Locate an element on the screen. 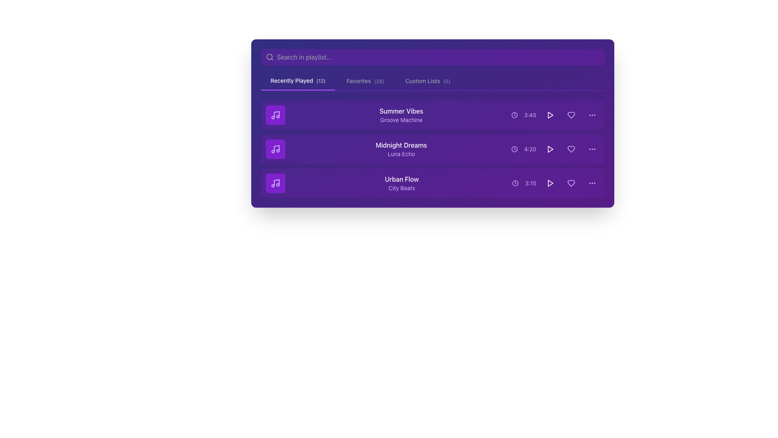 The width and height of the screenshot is (778, 438). the third navigational tab in the top navigation bar that allows users to view or manage their custom lists is located at coordinates (427, 81).